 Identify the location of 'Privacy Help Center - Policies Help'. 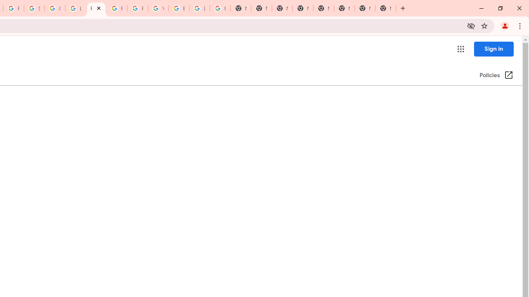
(96, 8).